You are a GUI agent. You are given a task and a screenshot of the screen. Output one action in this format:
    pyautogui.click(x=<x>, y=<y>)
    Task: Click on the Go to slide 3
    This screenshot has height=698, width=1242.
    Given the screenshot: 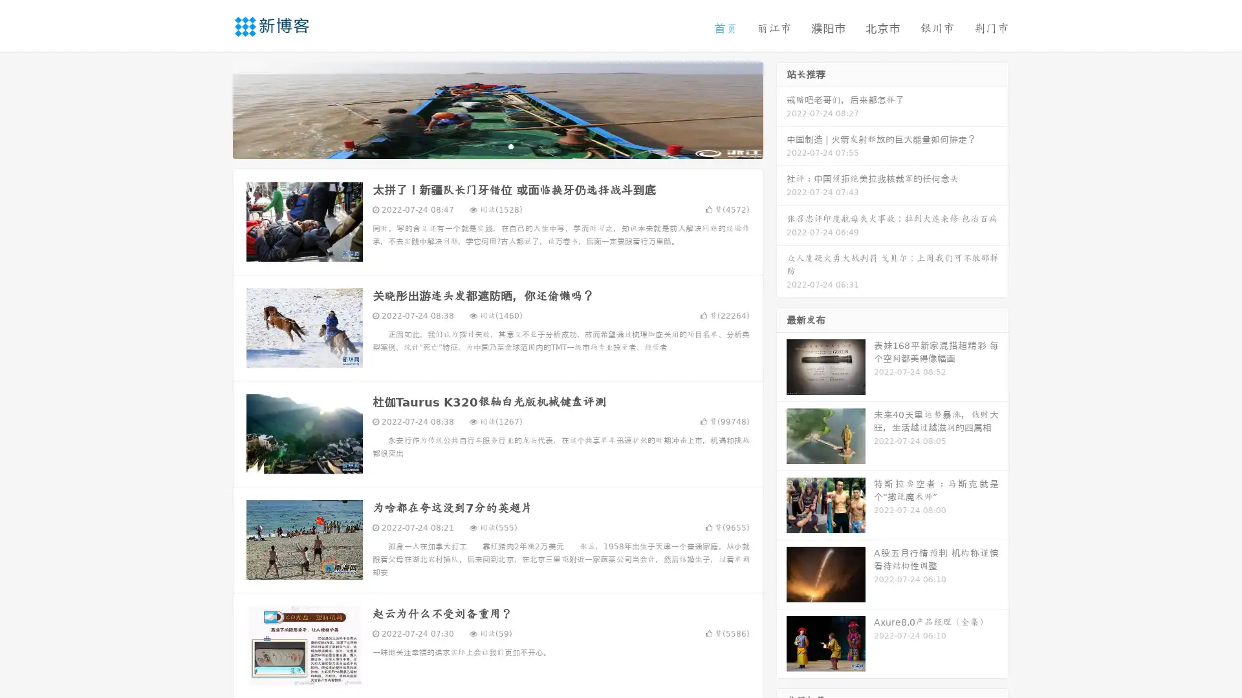 What is the action you would take?
    pyautogui.click(x=510, y=145)
    